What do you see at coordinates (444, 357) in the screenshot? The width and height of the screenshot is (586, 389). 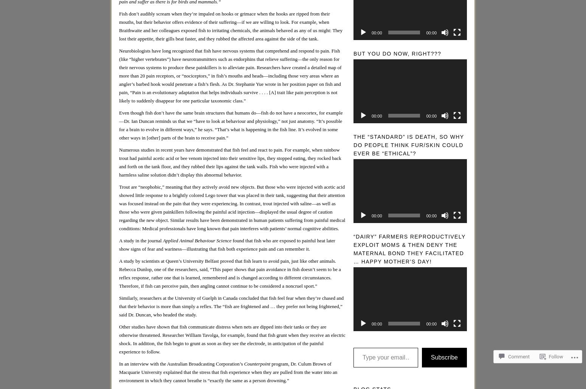 I see `'Subscribe'` at bounding box center [444, 357].